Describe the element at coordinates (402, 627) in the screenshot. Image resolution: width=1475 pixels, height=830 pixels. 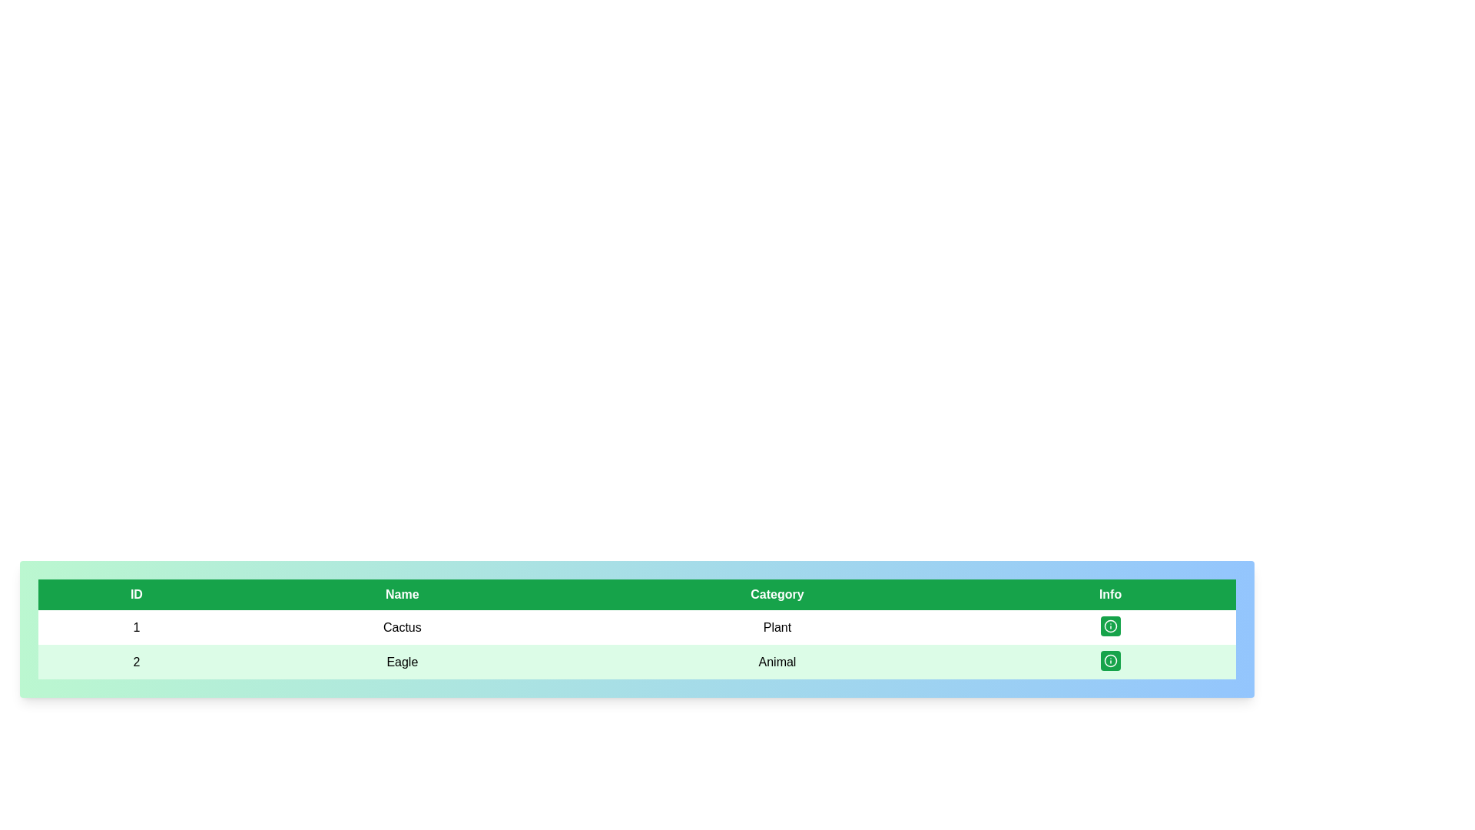
I see `the 'Name' label for the item 'Cactus' located in the second column of the first row of the table` at that location.